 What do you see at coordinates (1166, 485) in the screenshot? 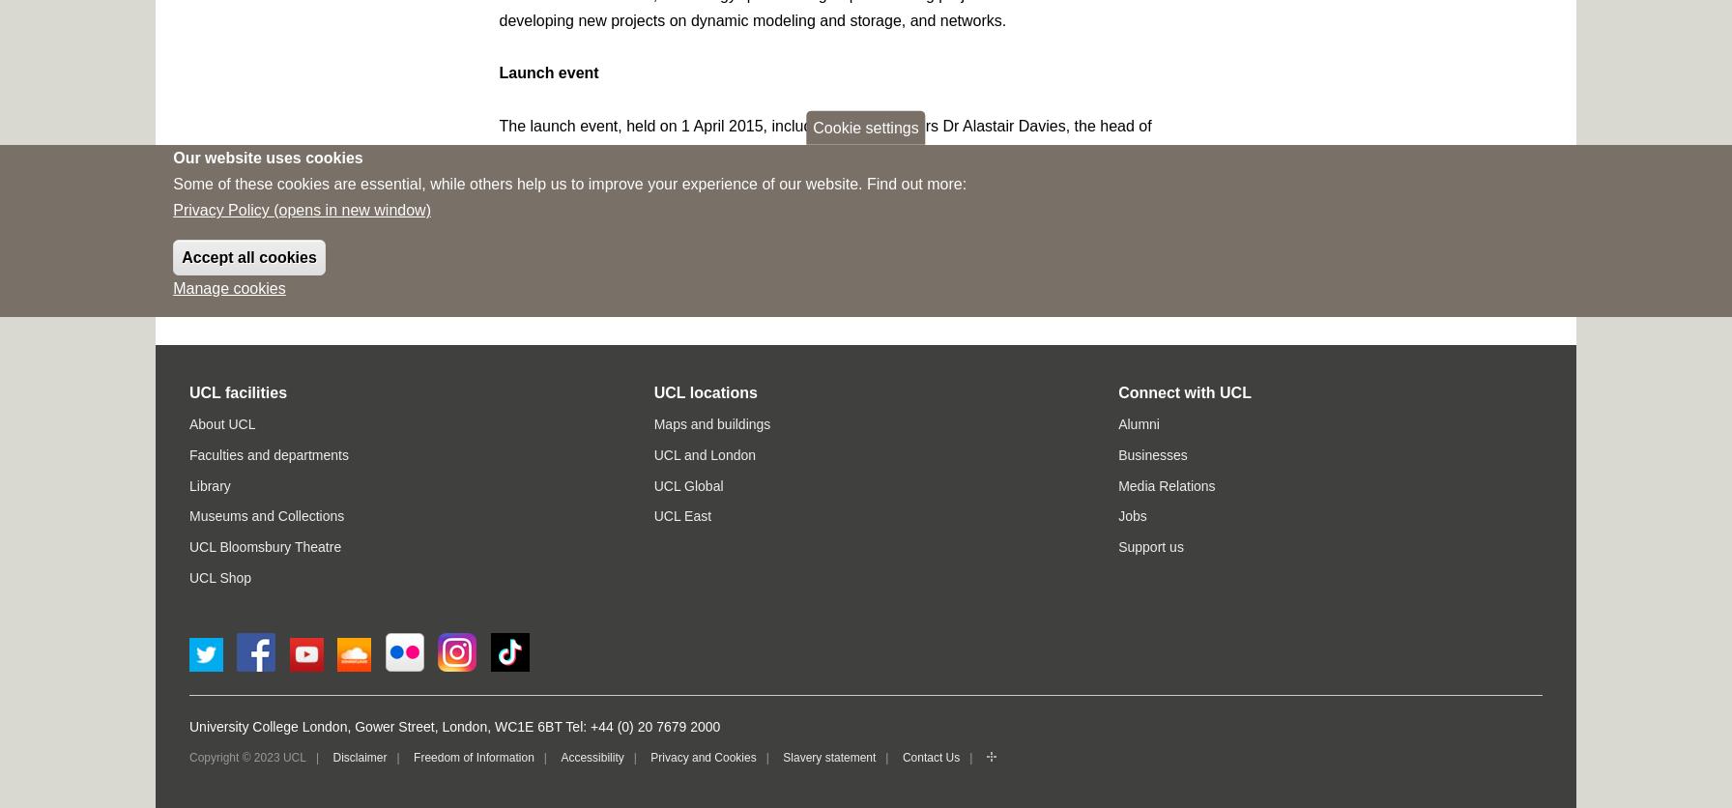
I see `'Media Relations'` at bounding box center [1166, 485].